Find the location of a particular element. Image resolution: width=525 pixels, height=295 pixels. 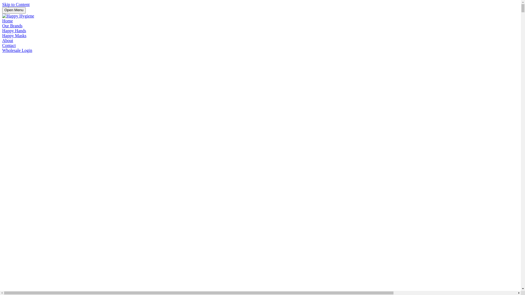

'About' is located at coordinates (2, 40).